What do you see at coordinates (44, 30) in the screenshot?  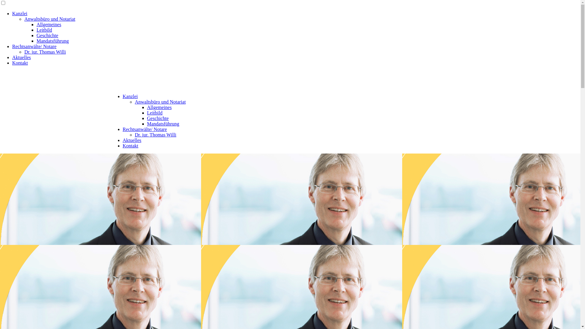 I see `'Leitbild'` at bounding box center [44, 30].